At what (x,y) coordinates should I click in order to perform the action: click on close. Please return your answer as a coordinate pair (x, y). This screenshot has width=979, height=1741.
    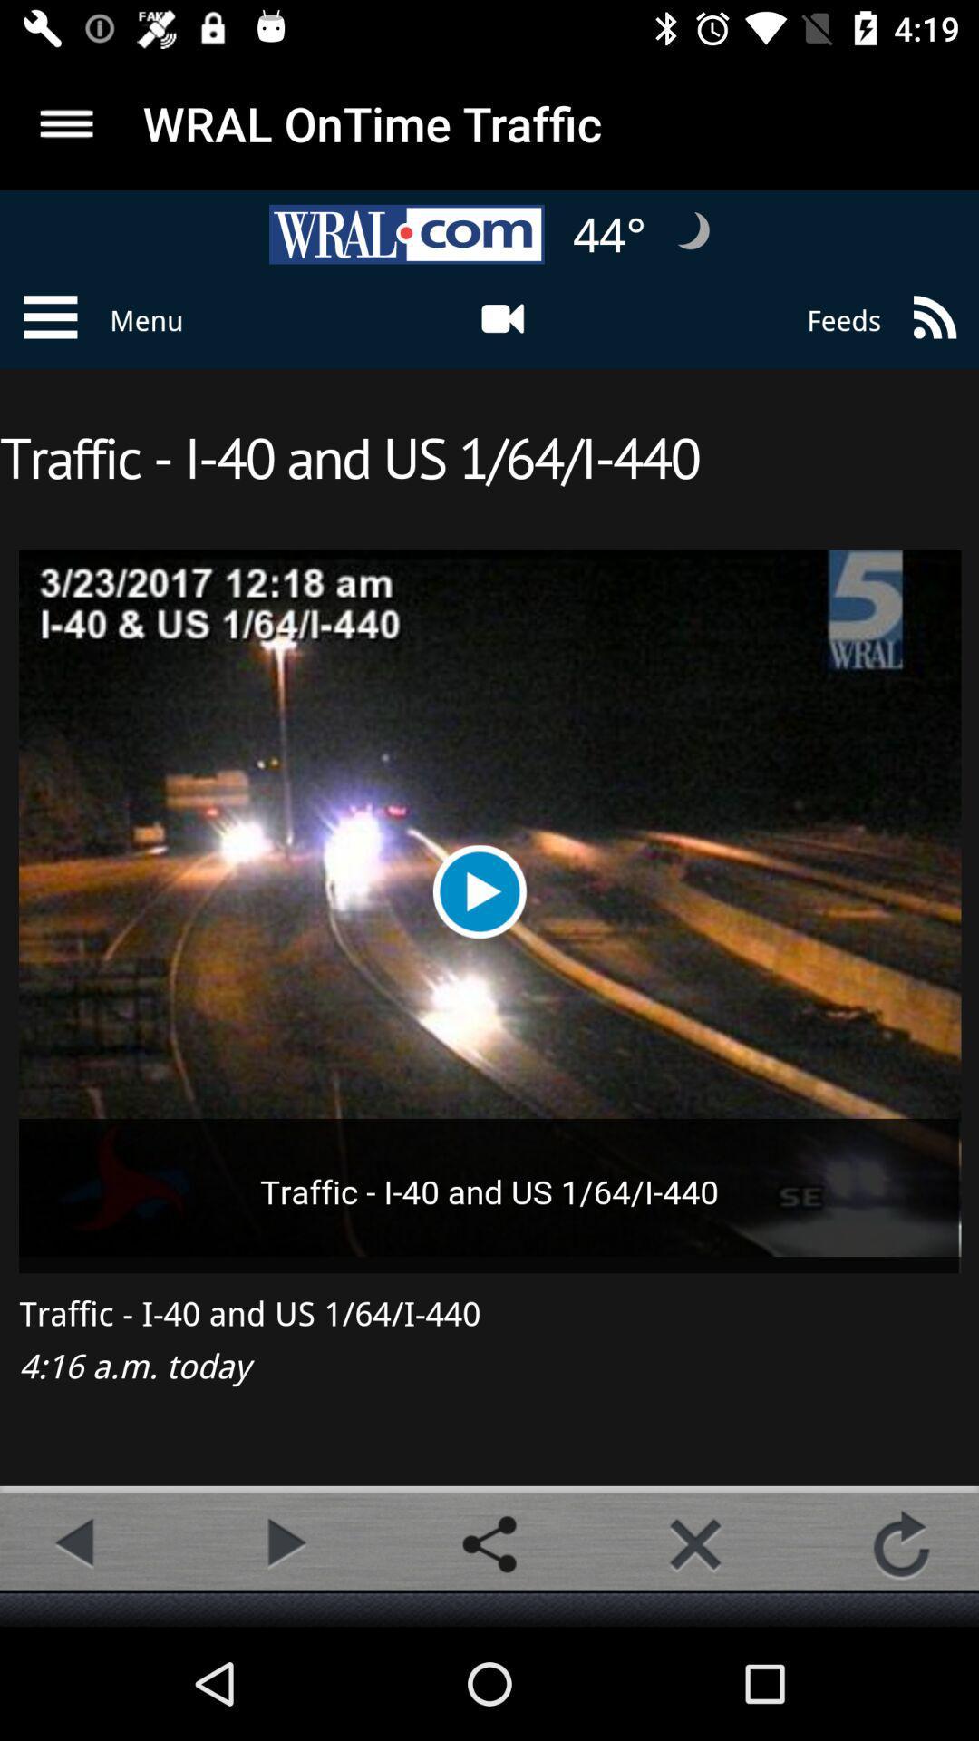
    Looking at the image, I should click on (694, 1543).